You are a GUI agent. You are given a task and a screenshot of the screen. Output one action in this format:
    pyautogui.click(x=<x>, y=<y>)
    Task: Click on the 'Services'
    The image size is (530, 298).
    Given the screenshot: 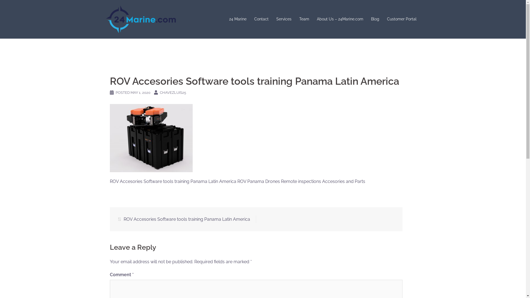 What is the action you would take?
    pyautogui.click(x=283, y=19)
    